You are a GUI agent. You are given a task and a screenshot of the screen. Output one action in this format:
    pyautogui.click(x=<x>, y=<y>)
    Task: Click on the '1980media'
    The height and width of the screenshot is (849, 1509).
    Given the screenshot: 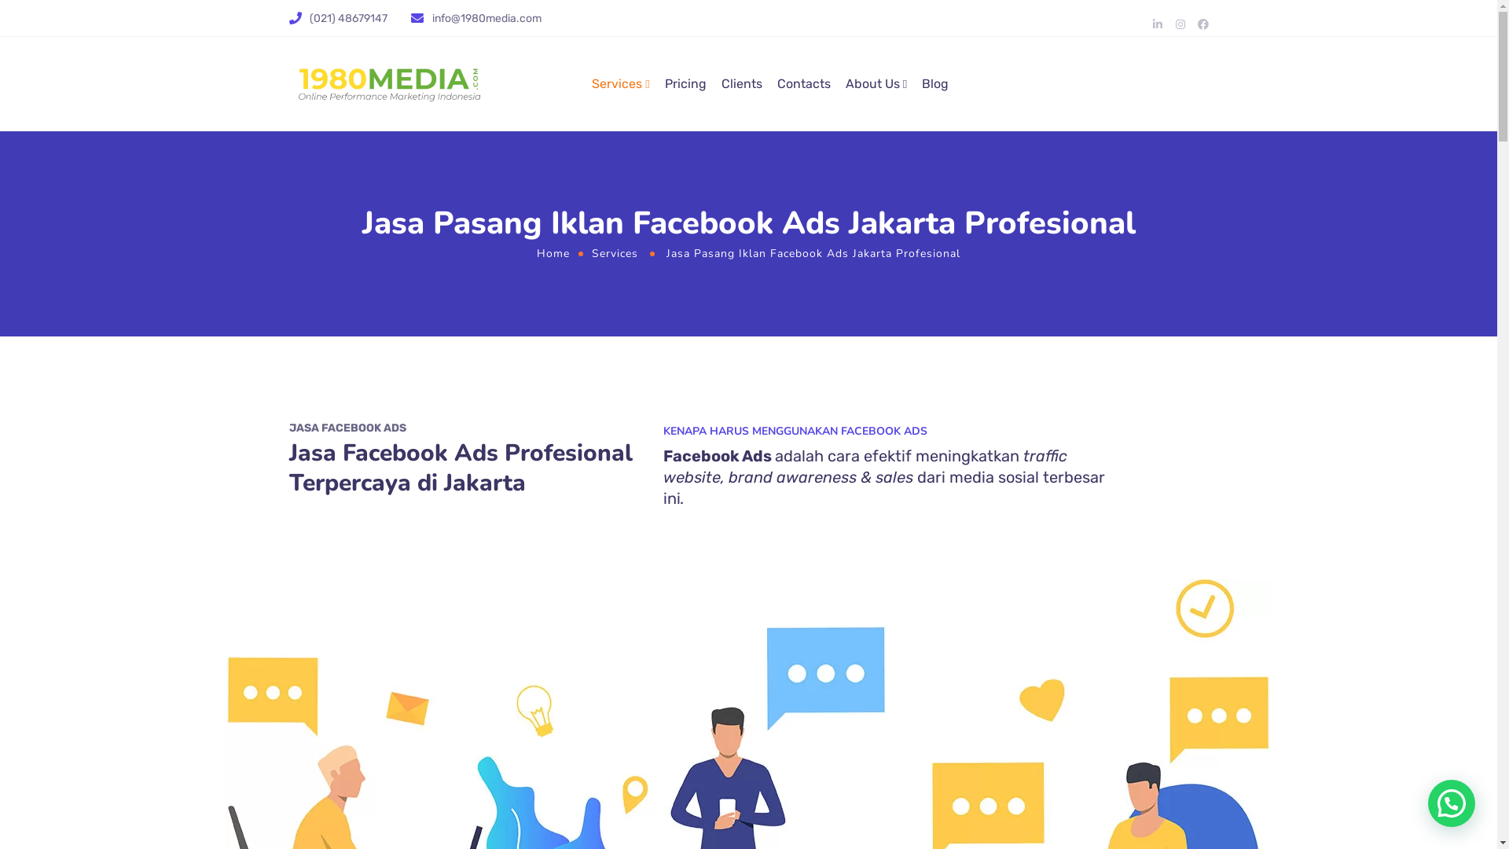 What is the action you would take?
    pyautogui.click(x=289, y=84)
    